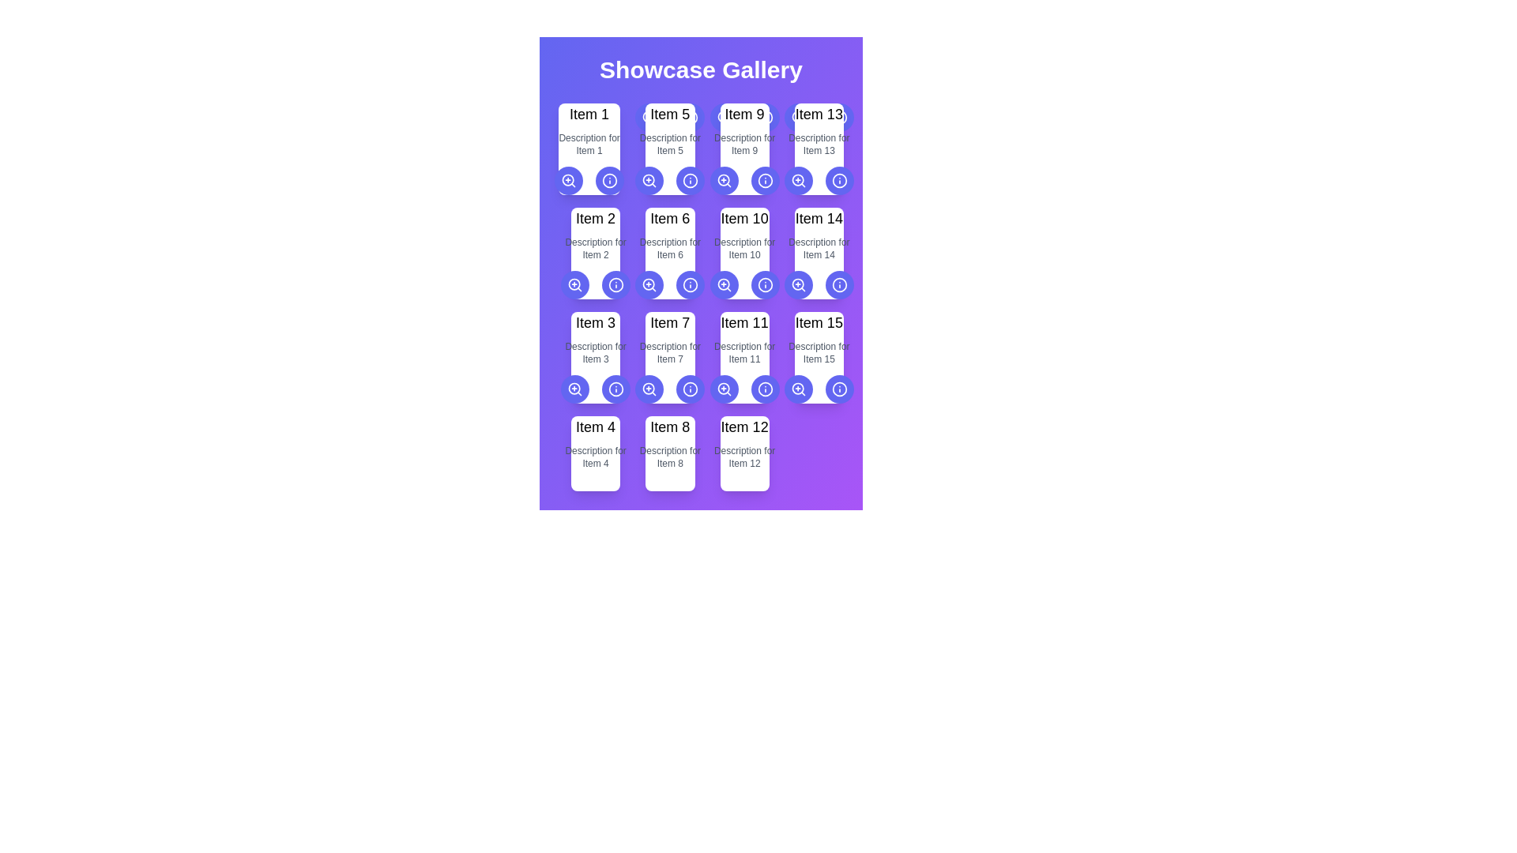 The height and width of the screenshot is (853, 1517). What do you see at coordinates (574, 389) in the screenshot?
I see `the circular shape representing the lens of the magnifying glass in the zoom-in icon located below the 'Item 3' card` at bounding box center [574, 389].